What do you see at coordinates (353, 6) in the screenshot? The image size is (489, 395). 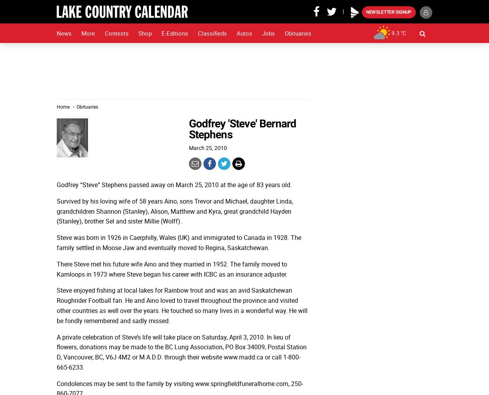 I see `'Play'` at bounding box center [353, 6].